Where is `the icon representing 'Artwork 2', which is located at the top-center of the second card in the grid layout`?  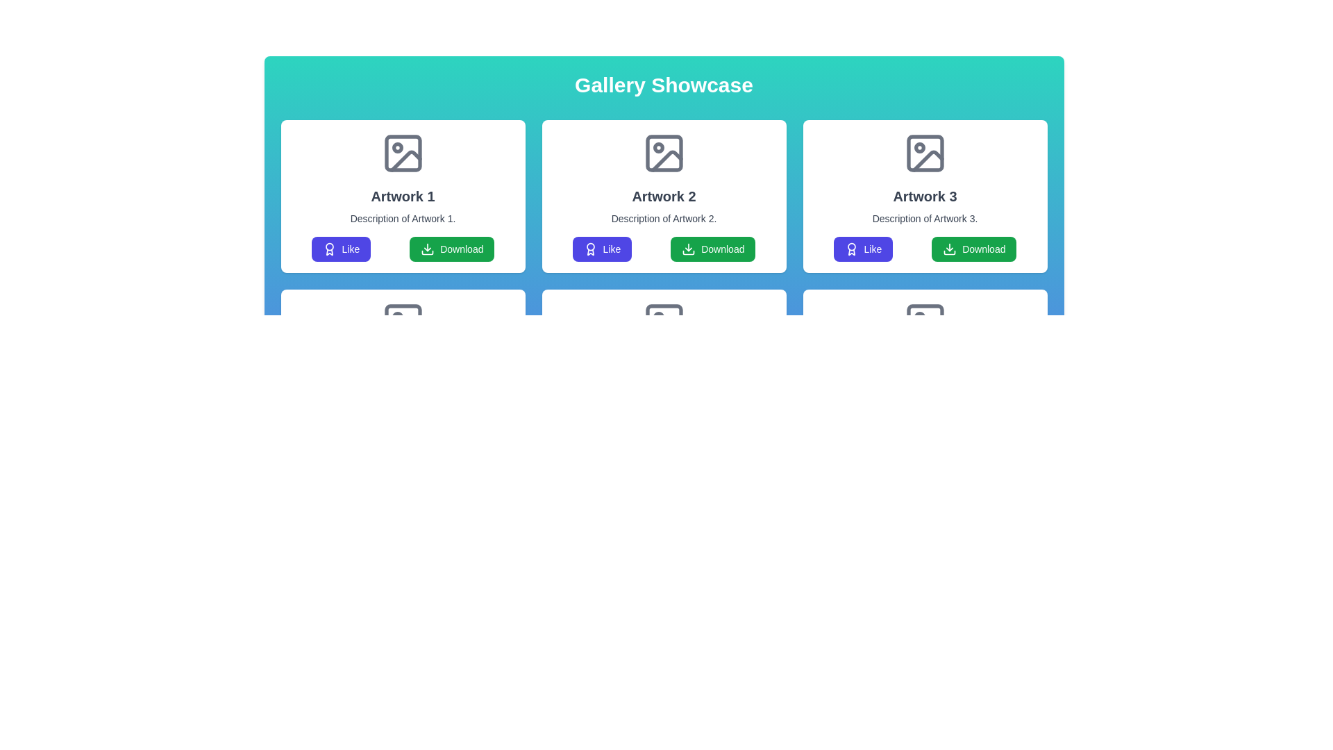
the icon representing 'Artwork 2', which is located at the top-center of the second card in the grid layout is located at coordinates (663, 153).